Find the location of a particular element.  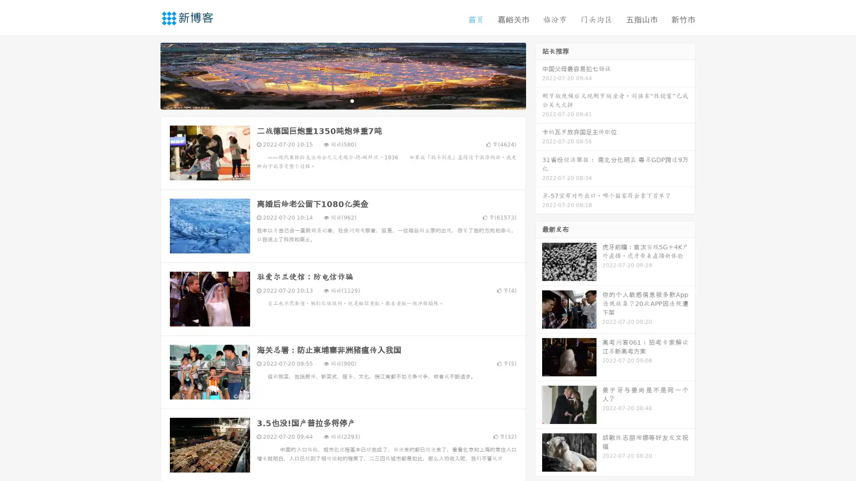

Go to slide 3 is located at coordinates (352, 100).